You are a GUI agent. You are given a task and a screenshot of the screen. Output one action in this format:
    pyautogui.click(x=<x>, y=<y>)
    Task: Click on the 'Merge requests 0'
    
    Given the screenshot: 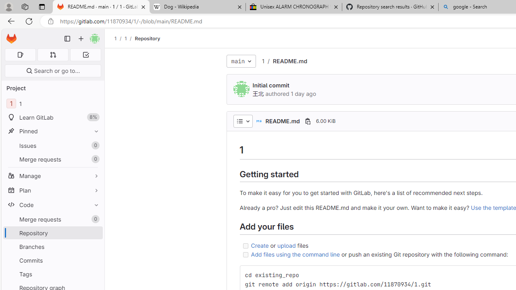 What is the action you would take?
    pyautogui.click(x=52, y=219)
    